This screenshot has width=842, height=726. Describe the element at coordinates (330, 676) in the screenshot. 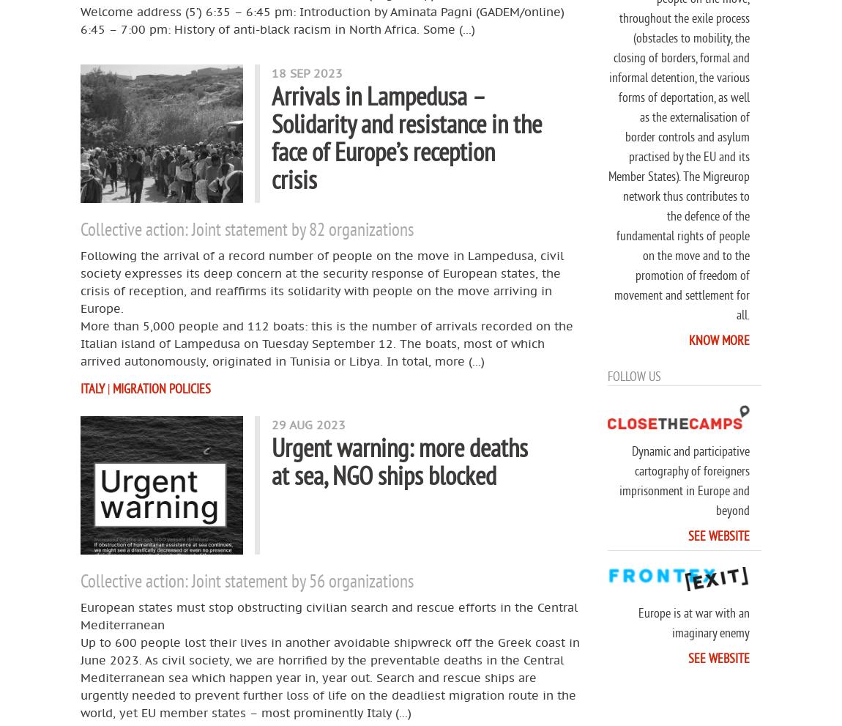

I see `'Up to 600 people lost their lives in another avoidable shipwreck off the Greek coast in June 2023. As civil society, we are horrified by the preventable deaths in the Central Mediterranean sea which happen year in, year out. Search and rescue ships are urgently needed to prevent further loss of life on the deadliest migration route in the world, yet EU member states – most prominently Italy (...)'` at that location.